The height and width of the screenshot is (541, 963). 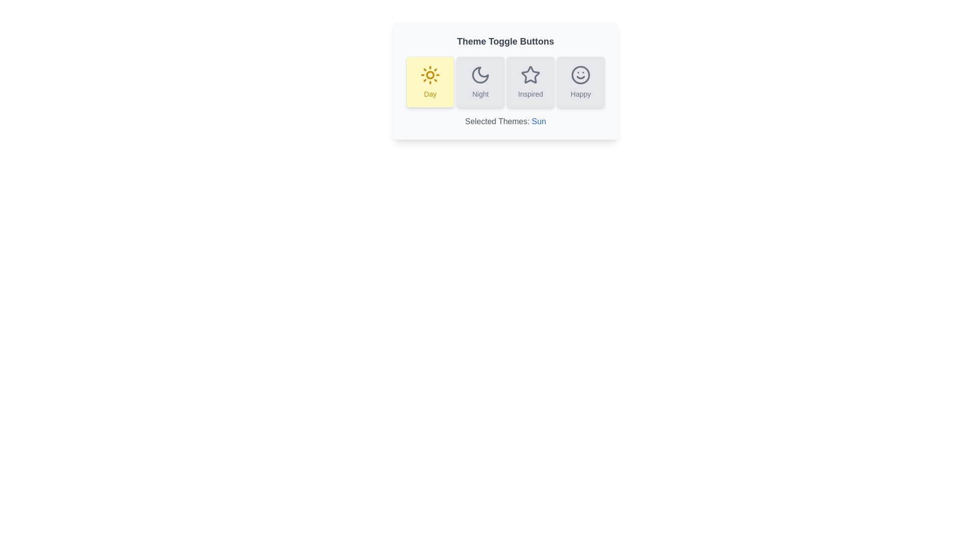 I want to click on the blue text label 'Sun' within the statement 'Selected Themes: Sun' located near the bottom section of the interface, so click(x=538, y=121).